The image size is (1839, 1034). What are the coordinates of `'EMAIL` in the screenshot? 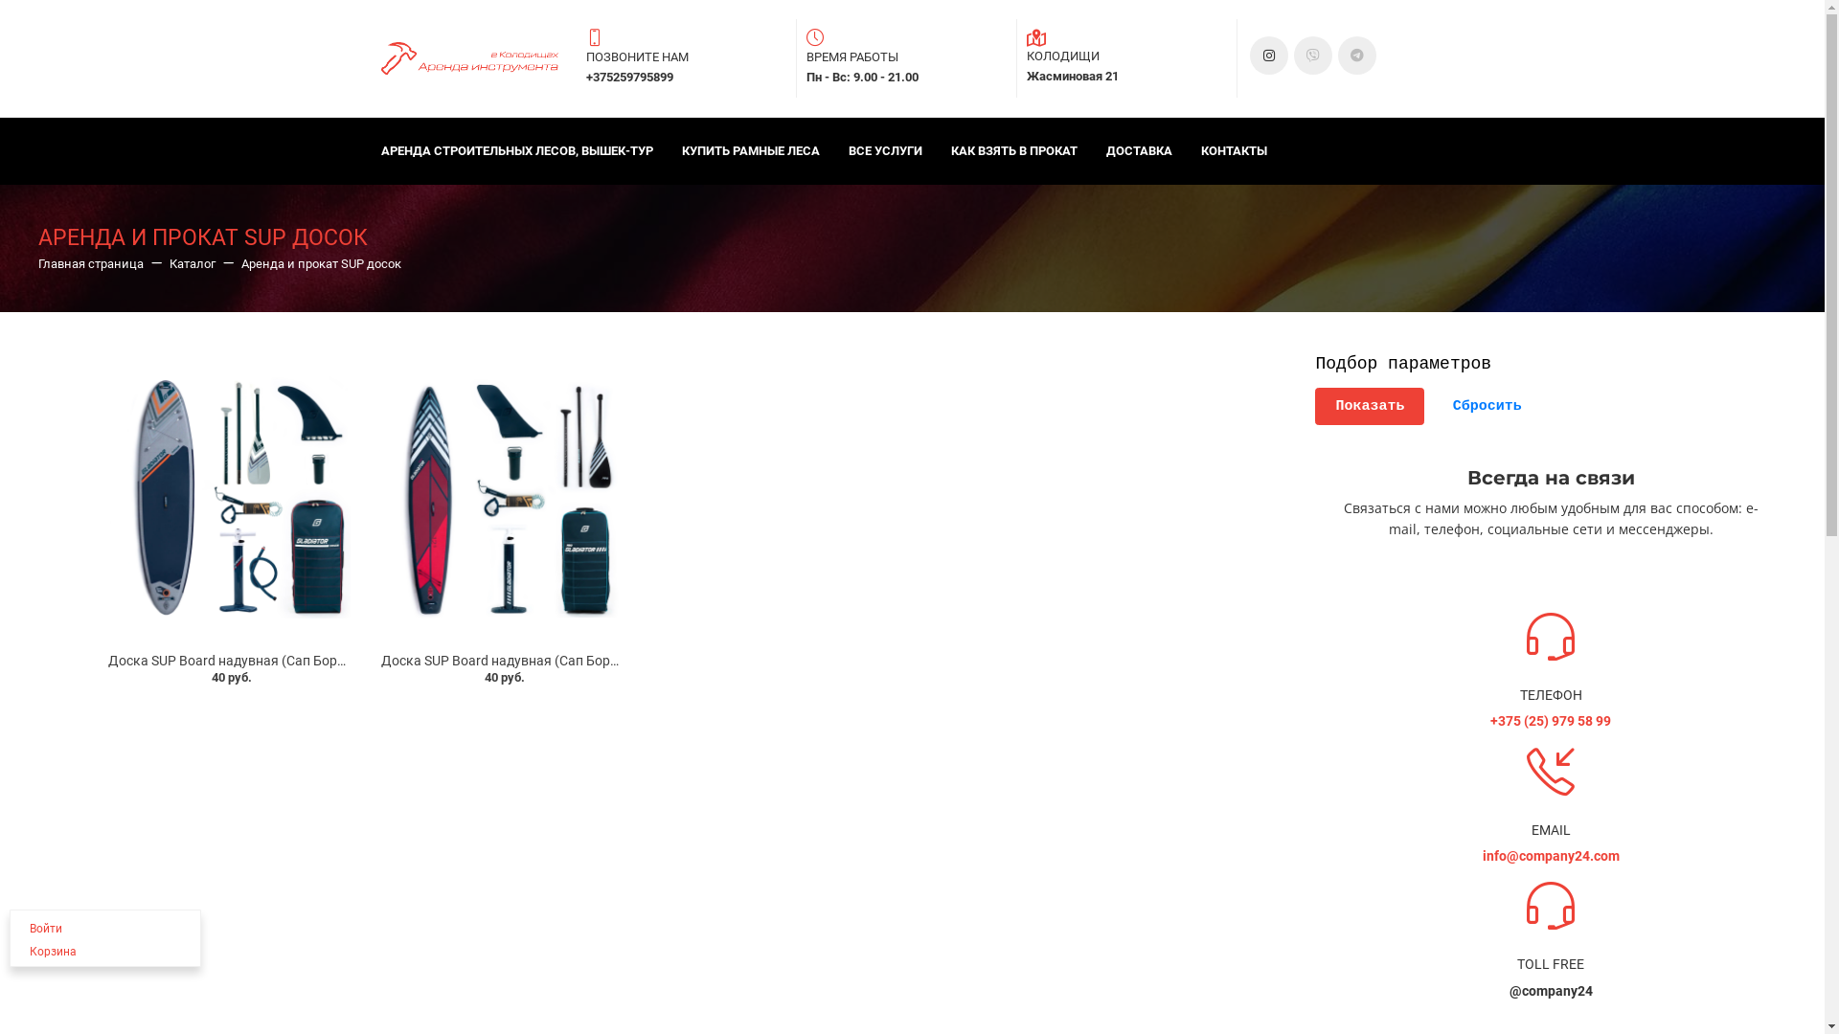 It's located at (1550, 805).